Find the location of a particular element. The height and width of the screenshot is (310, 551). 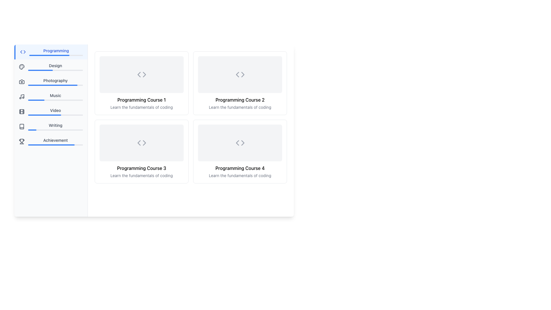

the first item in the vertical list of categories in the sidebar is located at coordinates (51, 52).